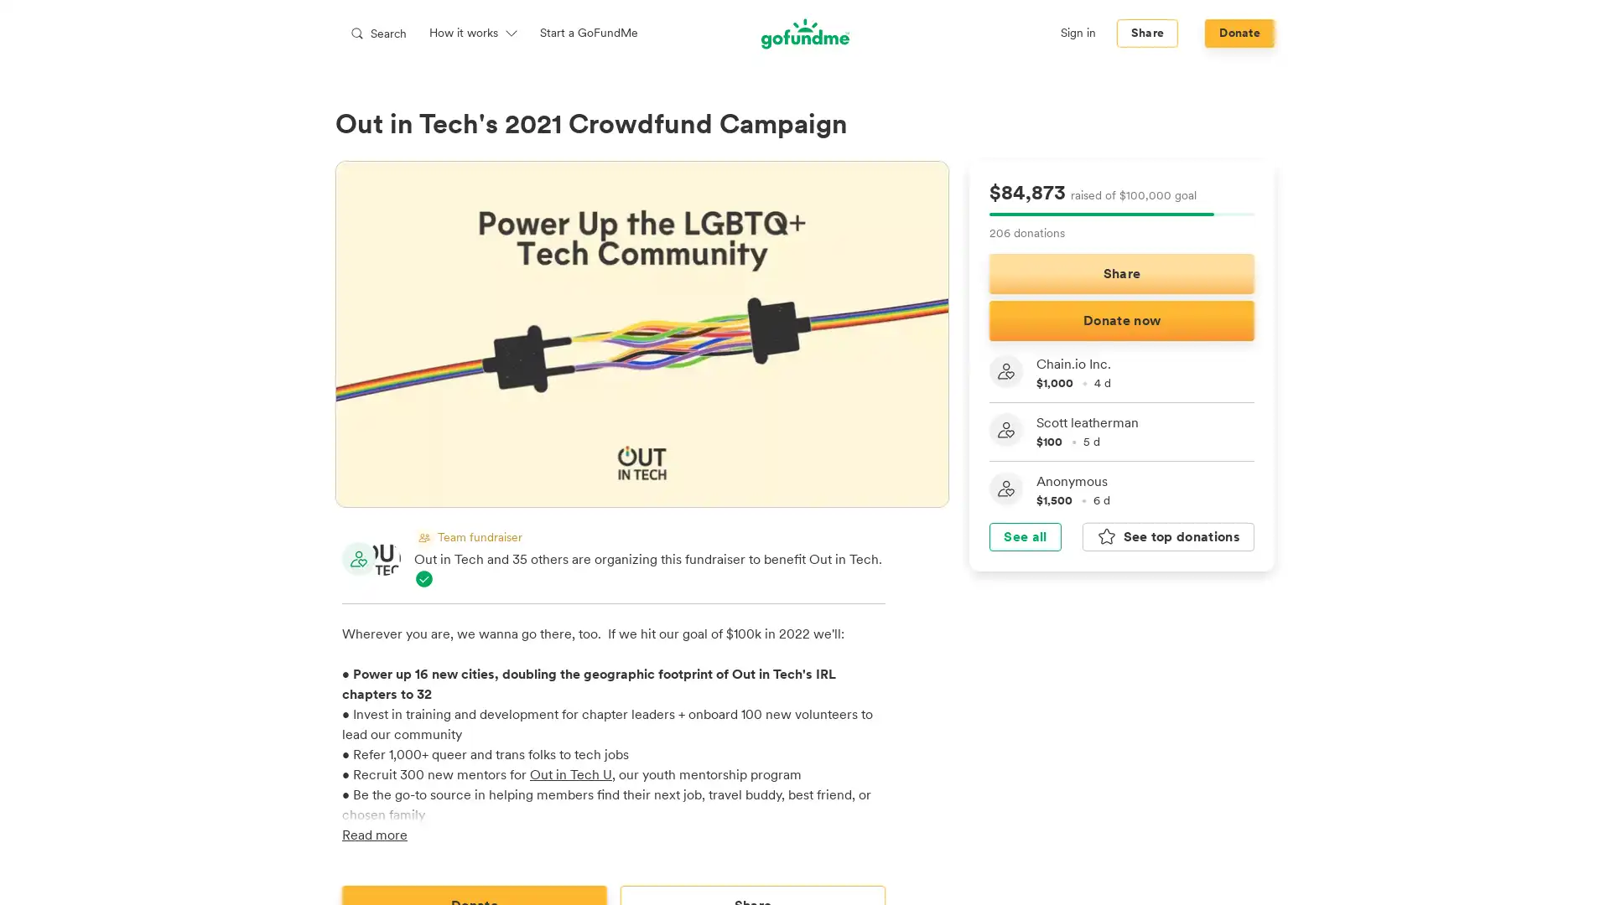 This screenshot has width=1610, height=905. I want to click on Search, so click(377, 33).